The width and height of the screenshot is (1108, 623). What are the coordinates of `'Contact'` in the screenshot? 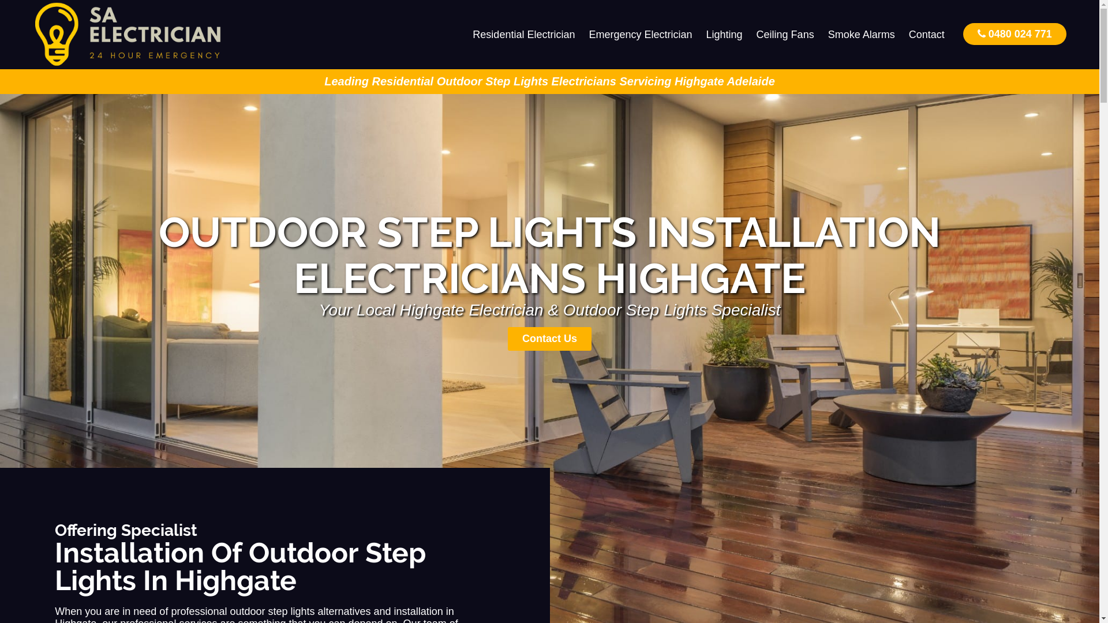 It's located at (927, 34).